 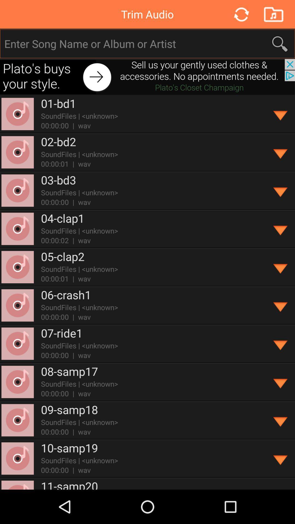 What do you see at coordinates (281, 305) in the screenshot?
I see `details` at bounding box center [281, 305].